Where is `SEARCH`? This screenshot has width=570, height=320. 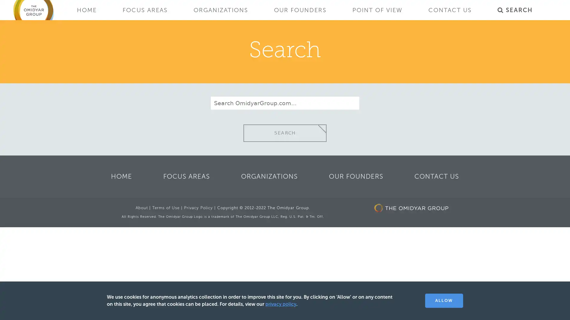 SEARCH is located at coordinates (285, 132).